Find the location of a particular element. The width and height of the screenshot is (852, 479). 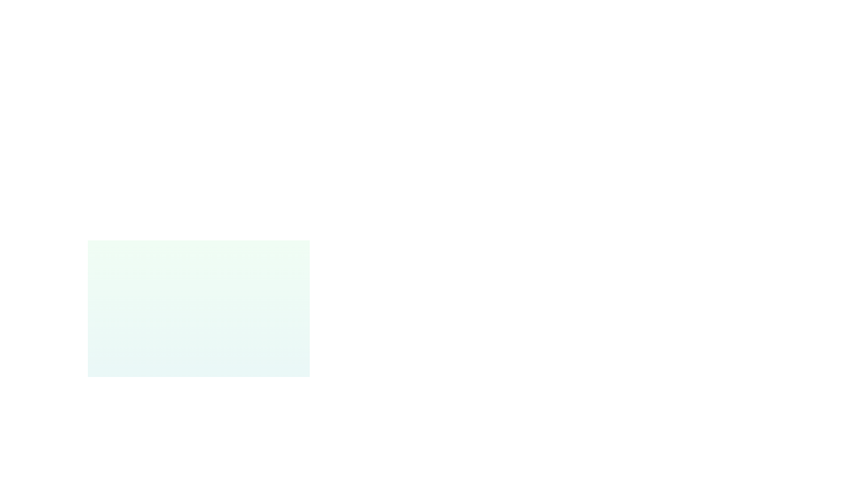

the notification icon to acknowledge the alert is located at coordinates (114, 433).